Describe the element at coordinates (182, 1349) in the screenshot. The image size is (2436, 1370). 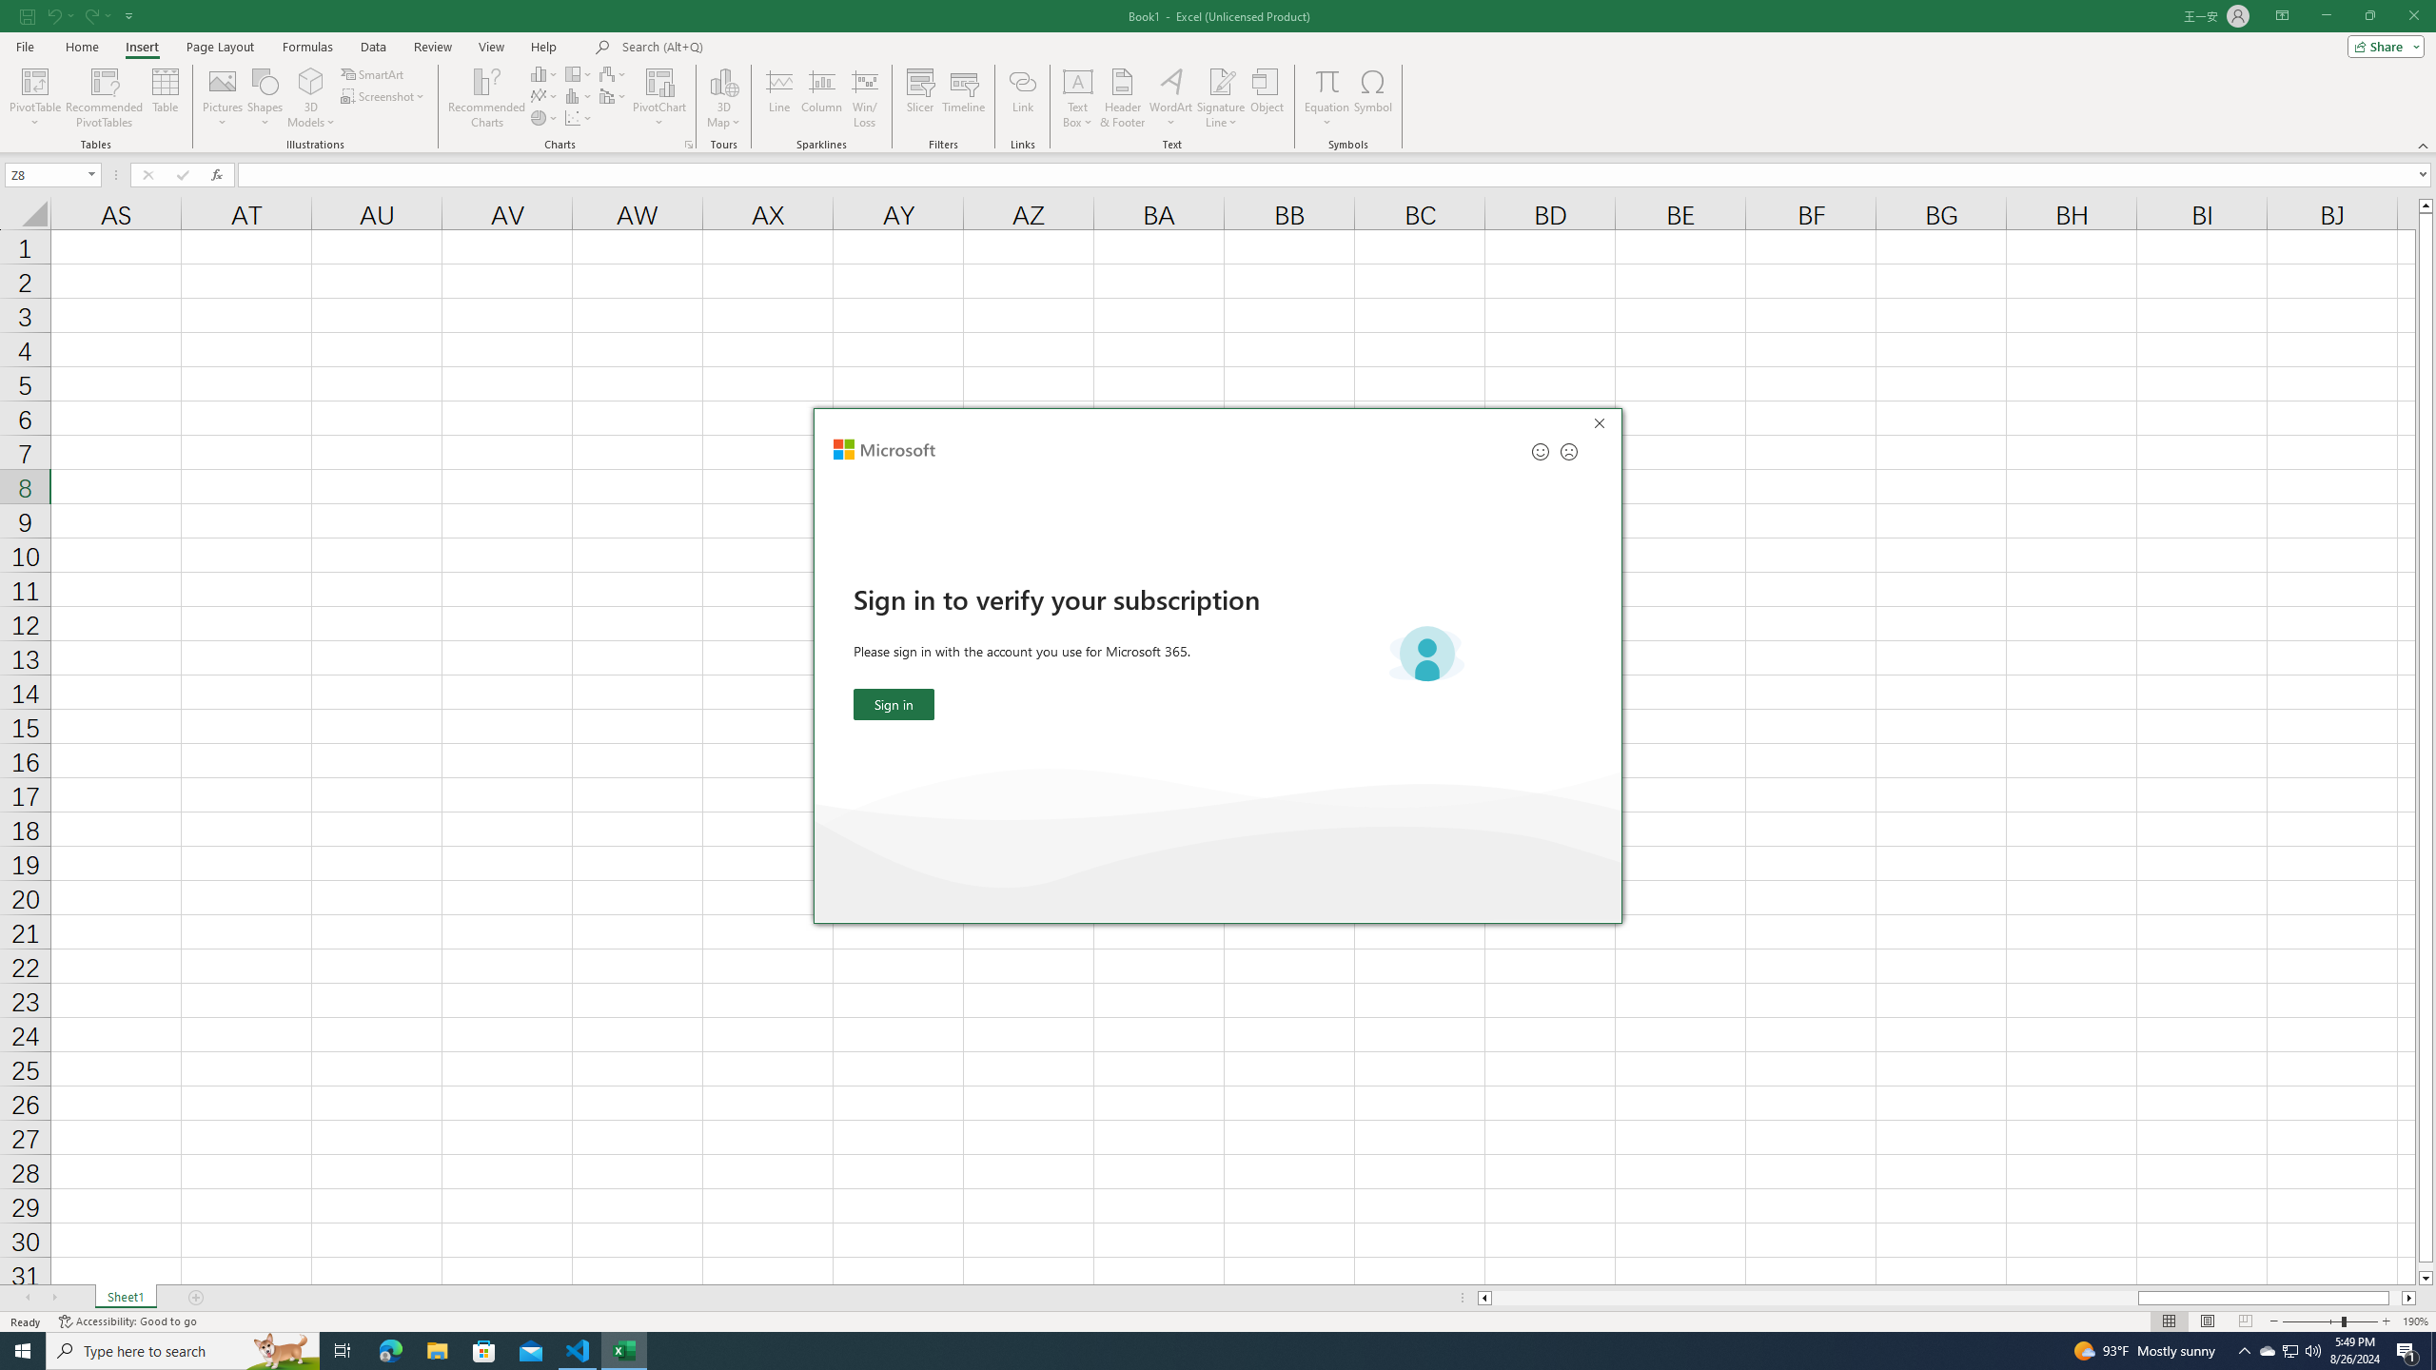
I see `'Type here to search'` at that location.